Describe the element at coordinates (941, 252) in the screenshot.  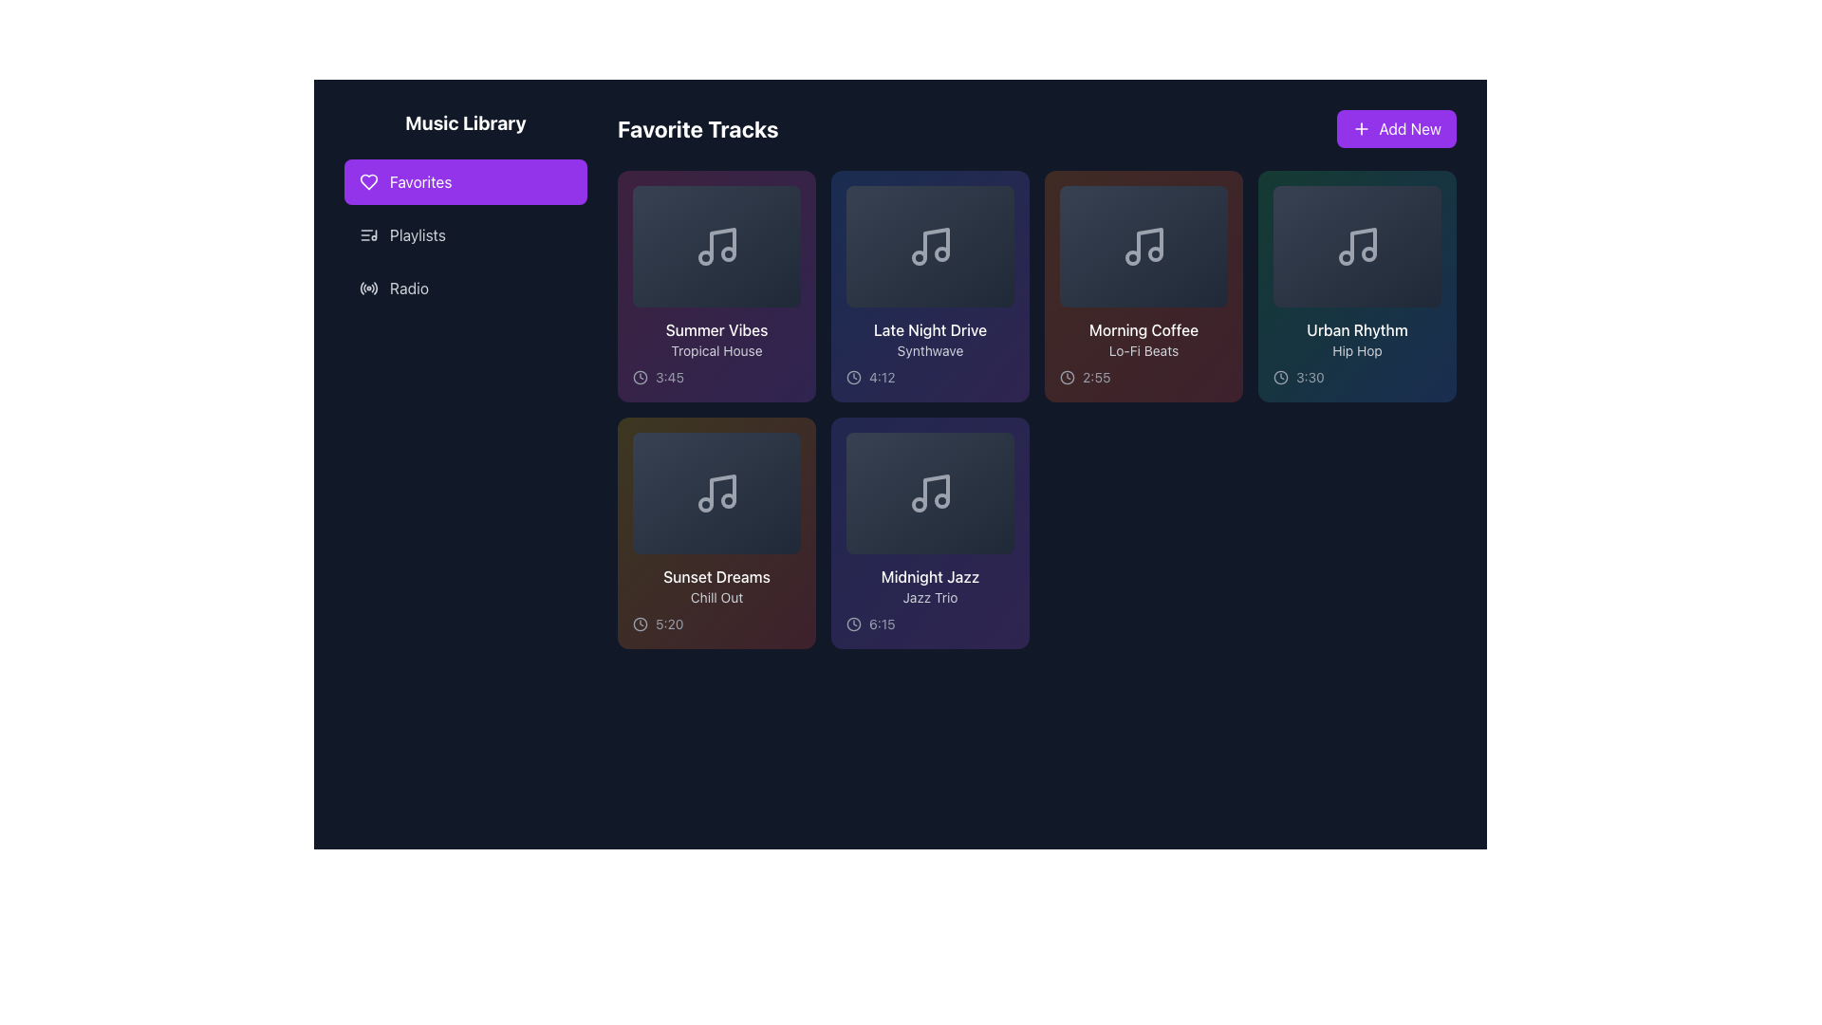
I see `the small circle element located near the top-right corner of the music note icon in the 'Late Night Drive' music track card` at that location.